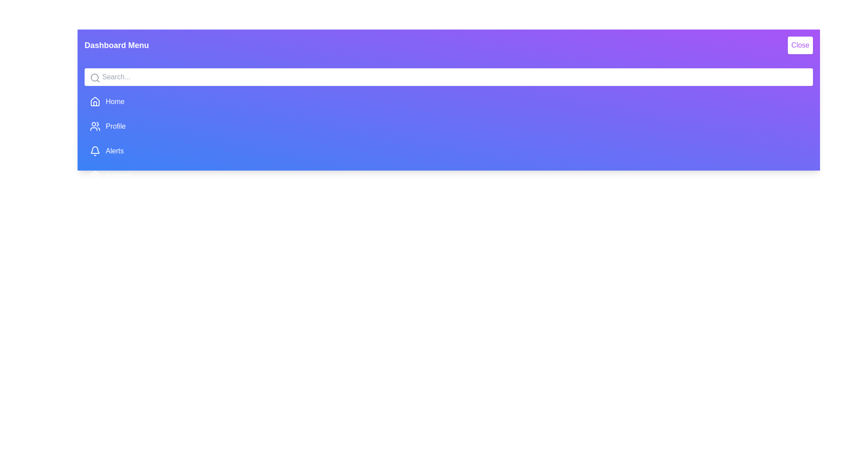 This screenshot has width=846, height=476. I want to click on the 'Profile' text label in the sidebar navigation menu, which is displayed in a light font on a blue background, located below the 'Home' menu item and above the 'Alerts' menu item, so click(115, 126).